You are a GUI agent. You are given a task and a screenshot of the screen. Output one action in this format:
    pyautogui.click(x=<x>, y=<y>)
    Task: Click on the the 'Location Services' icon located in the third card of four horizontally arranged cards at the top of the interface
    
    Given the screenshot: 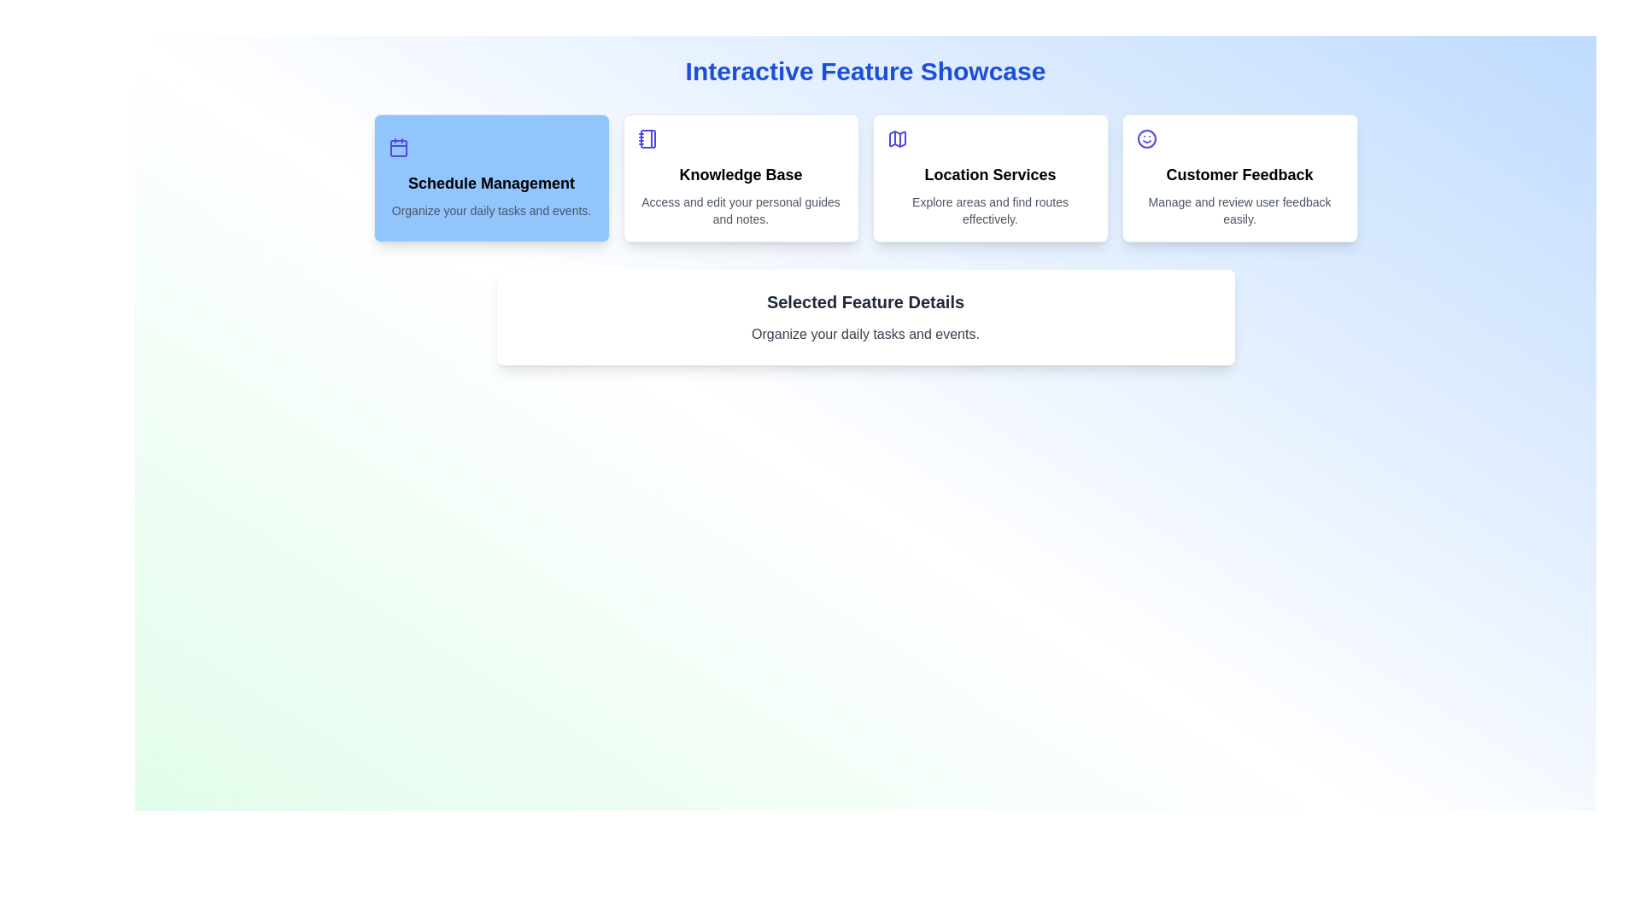 What is the action you would take?
    pyautogui.click(x=896, y=137)
    